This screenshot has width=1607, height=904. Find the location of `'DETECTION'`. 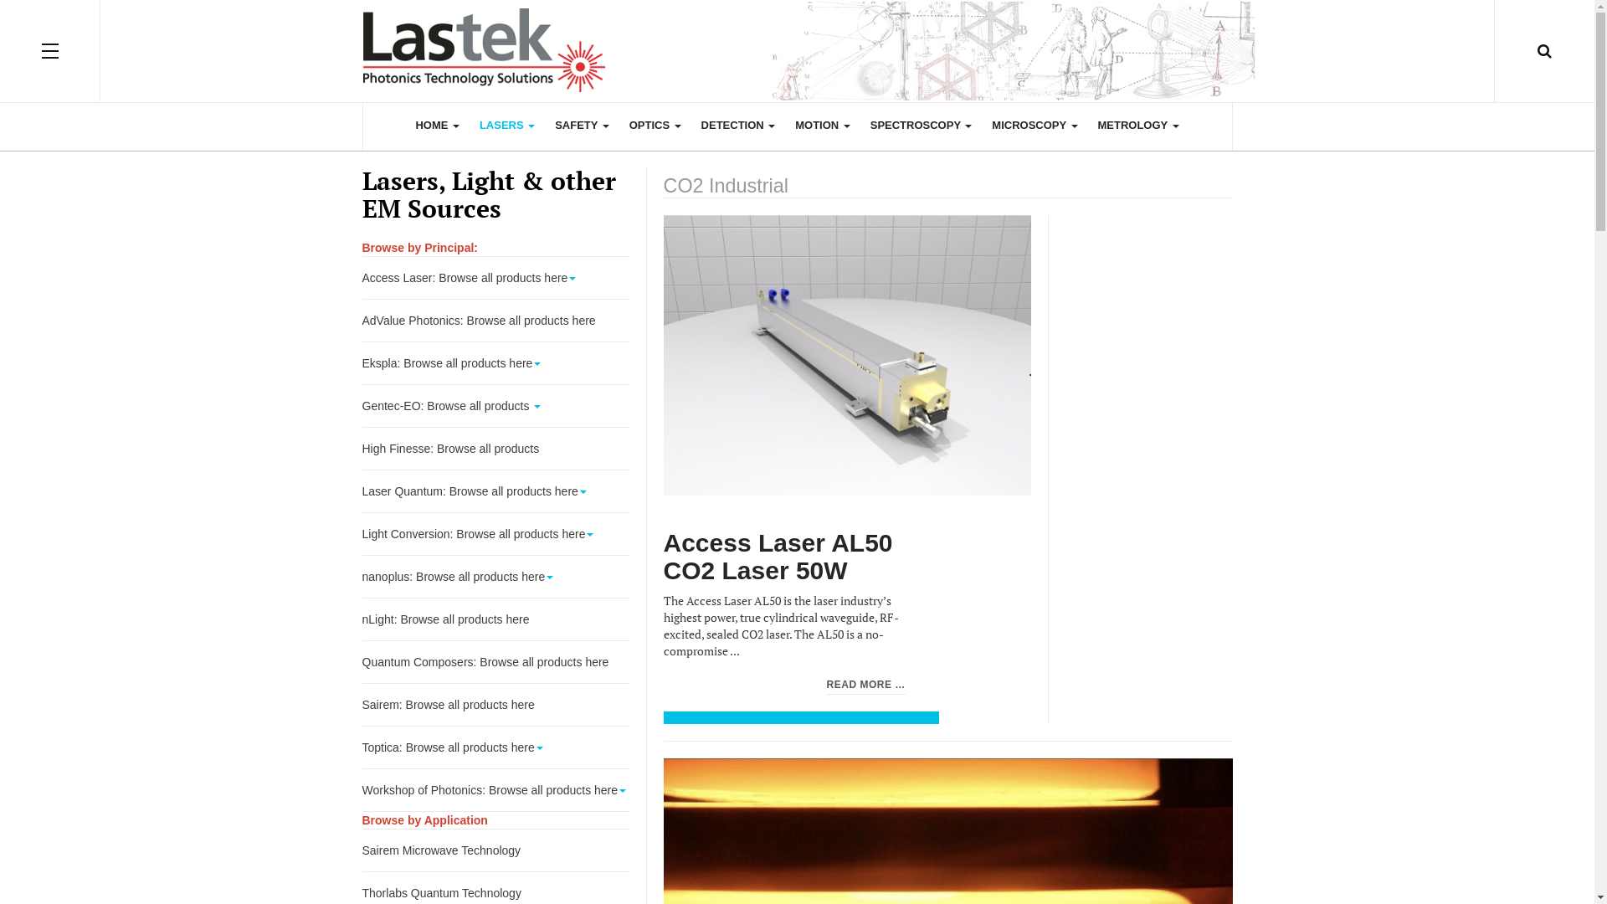

'DETECTION' is located at coordinates (701, 125).